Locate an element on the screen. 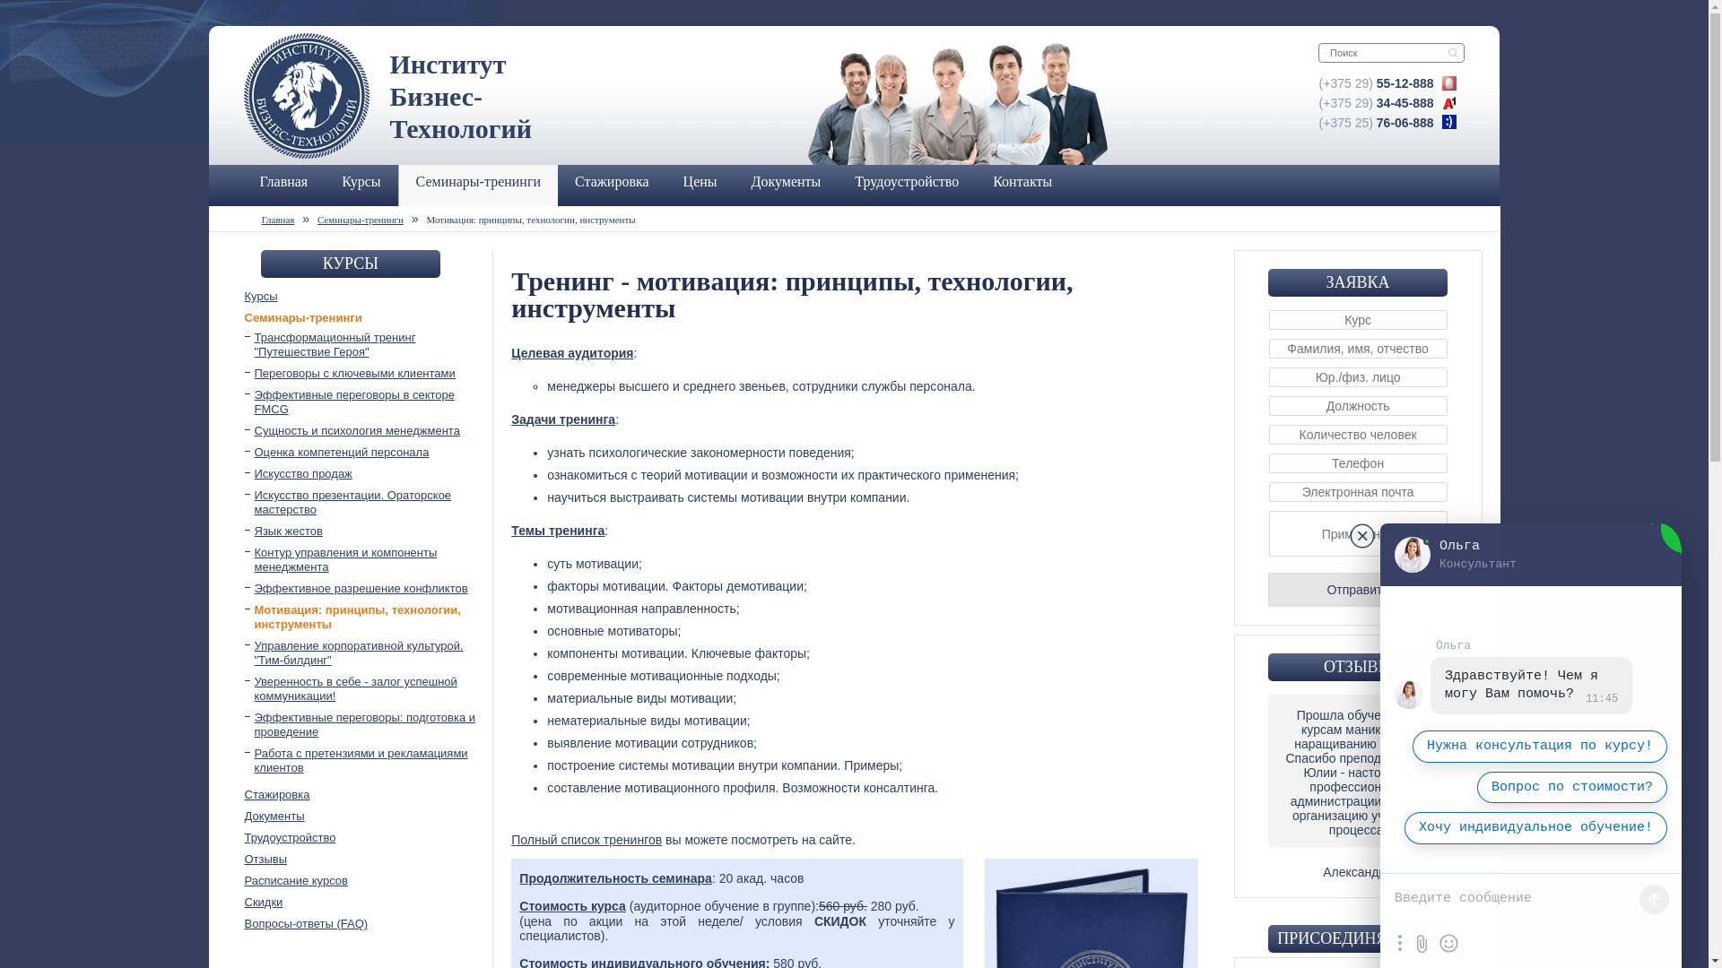  '(+375 25) 76-06-888' is located at coordinates (1376, 122).